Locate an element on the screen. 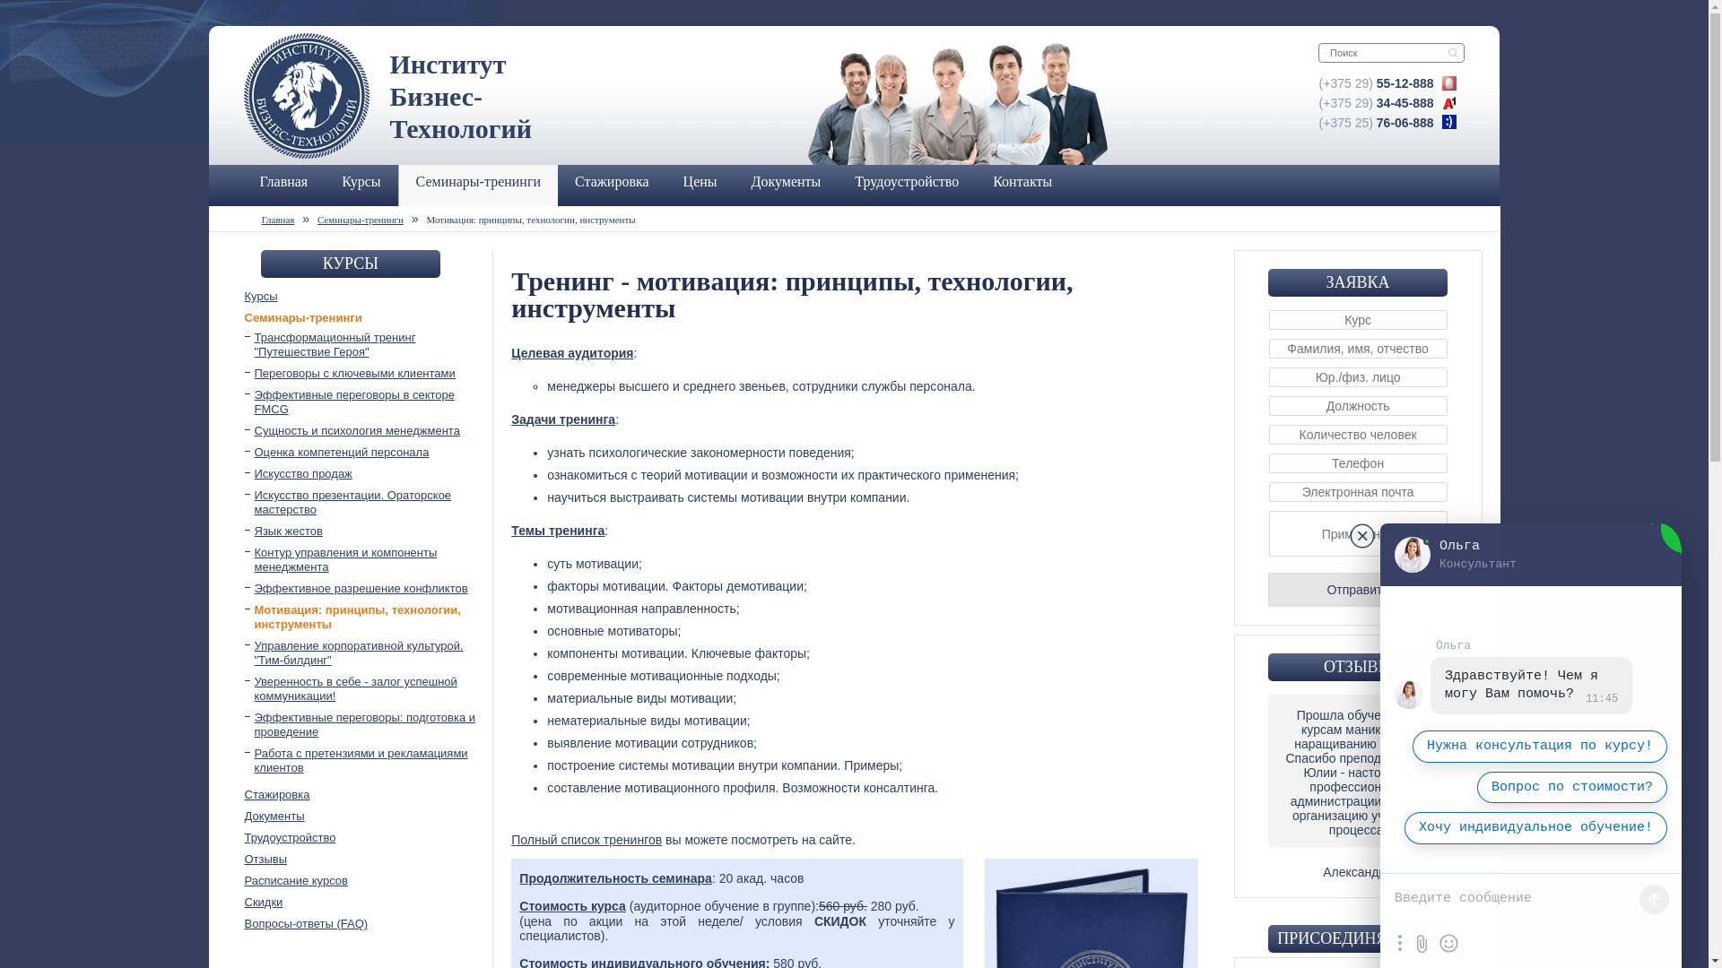  '(+375 25) 76-06-888' is located at coordinates (1376, 122).